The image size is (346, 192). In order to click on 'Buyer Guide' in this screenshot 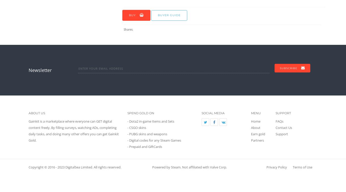, I will do `click(169, 14)`.